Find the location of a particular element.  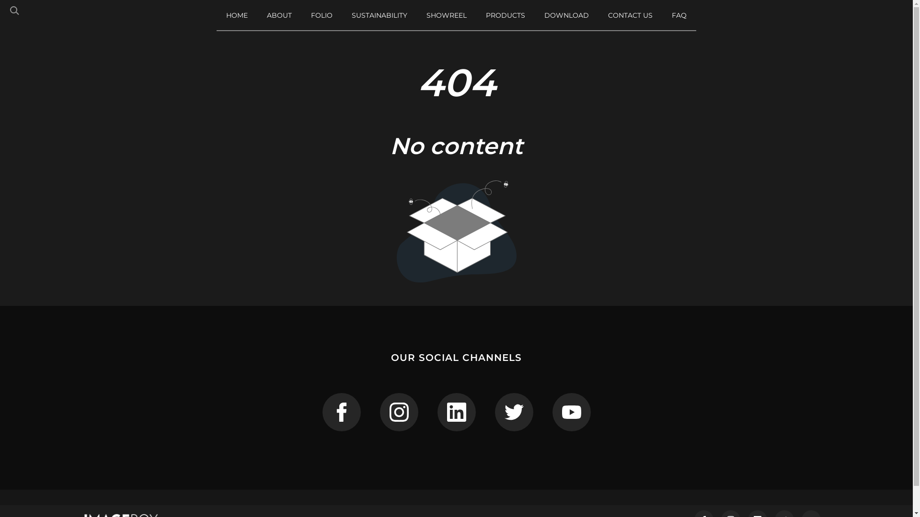

'ImageBox on Linkedin' is located at coordinates (455, 411).